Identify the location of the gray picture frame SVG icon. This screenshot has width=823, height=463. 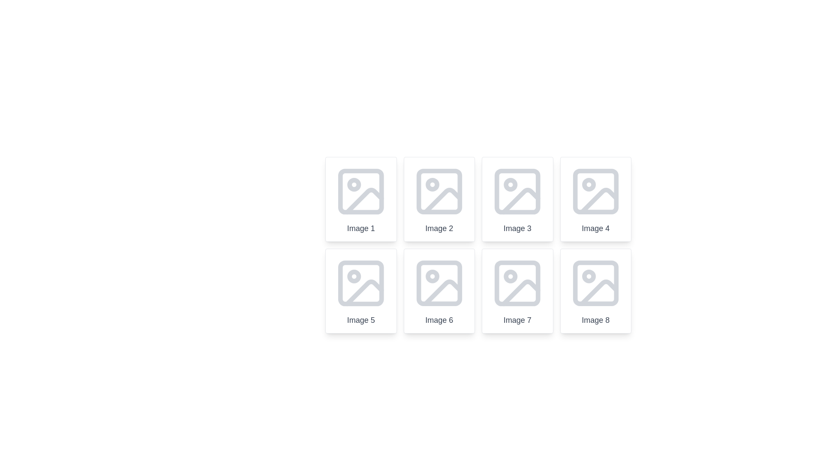
(439, 283).